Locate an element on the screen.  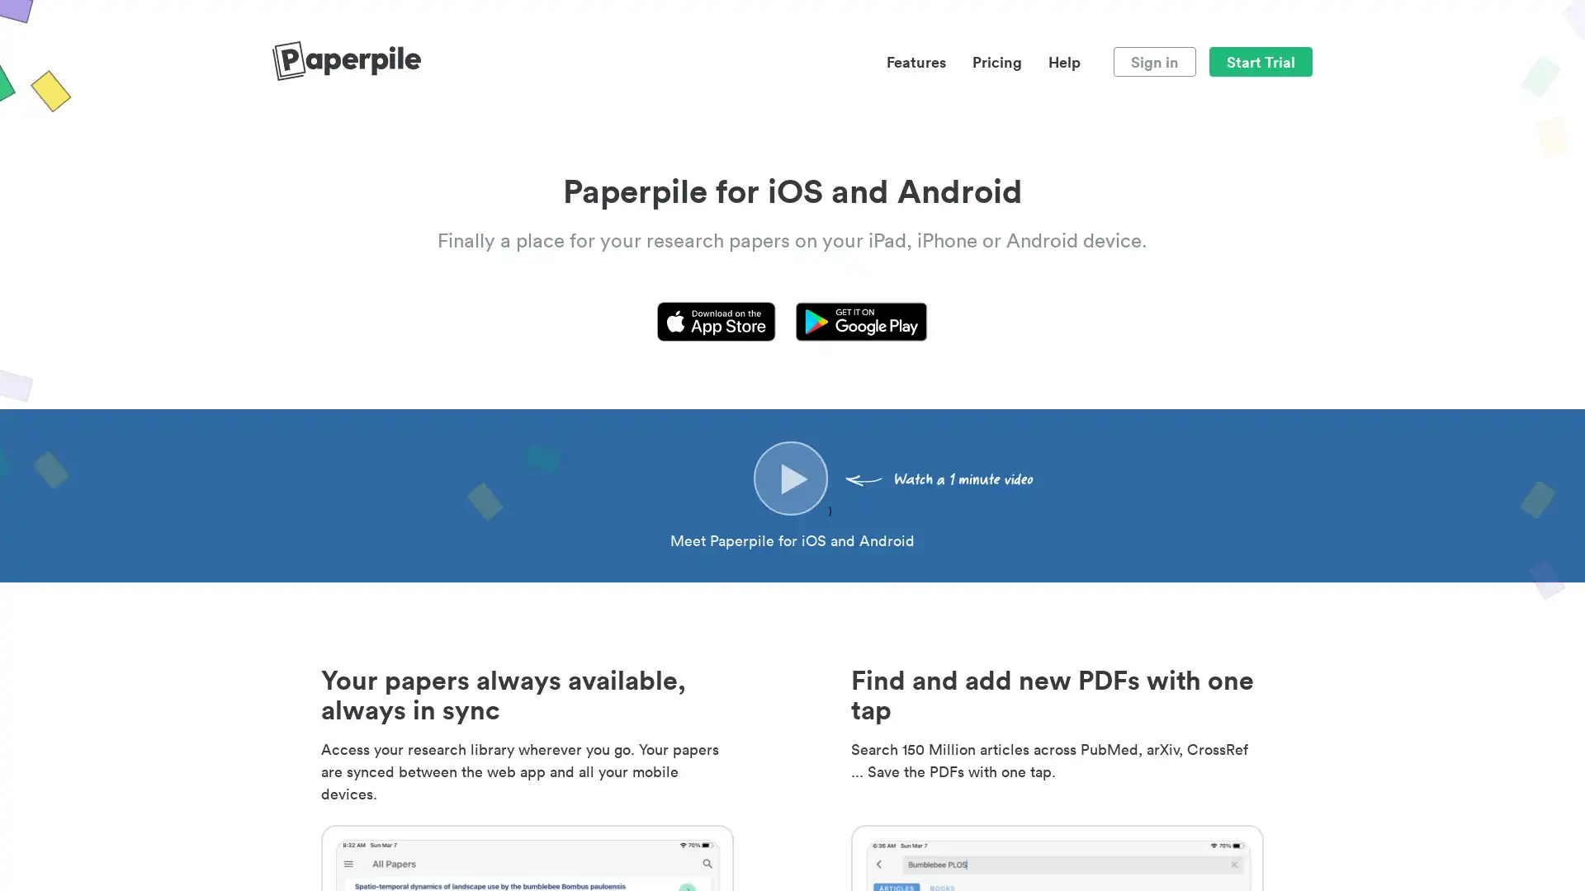
) is located at coordinates (791, 478).